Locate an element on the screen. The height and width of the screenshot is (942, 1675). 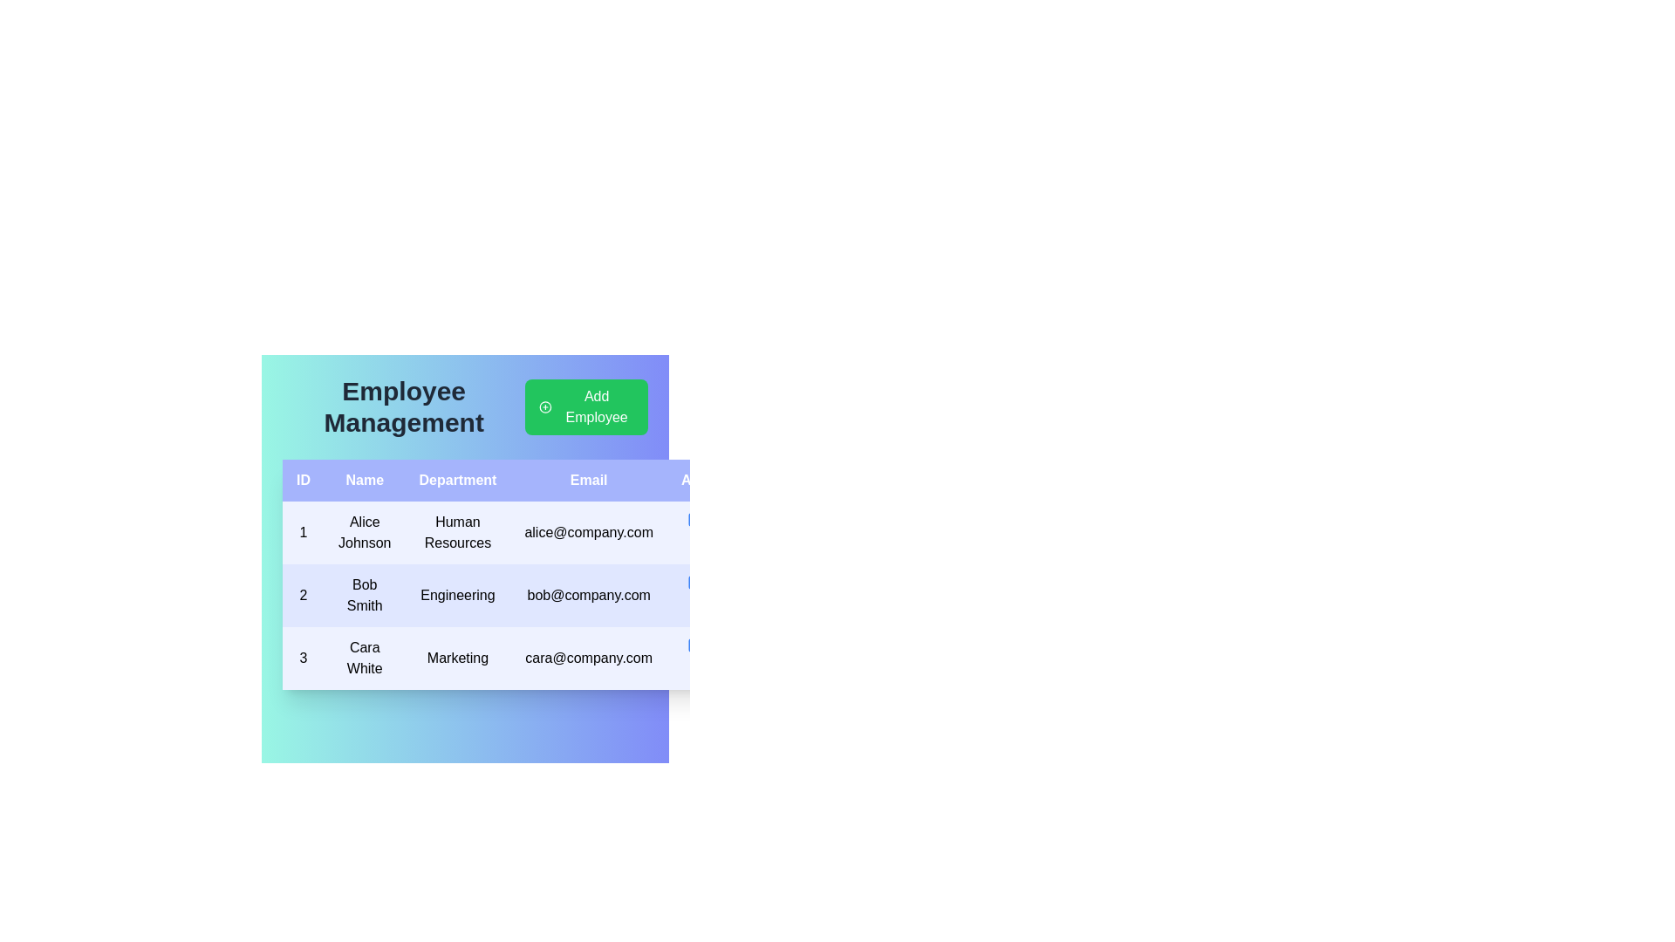
the static text label indicating the department designation 'Engineering' for the entry of 'Bob Smith' in the third column of the table is located at coordinates (457, 594).